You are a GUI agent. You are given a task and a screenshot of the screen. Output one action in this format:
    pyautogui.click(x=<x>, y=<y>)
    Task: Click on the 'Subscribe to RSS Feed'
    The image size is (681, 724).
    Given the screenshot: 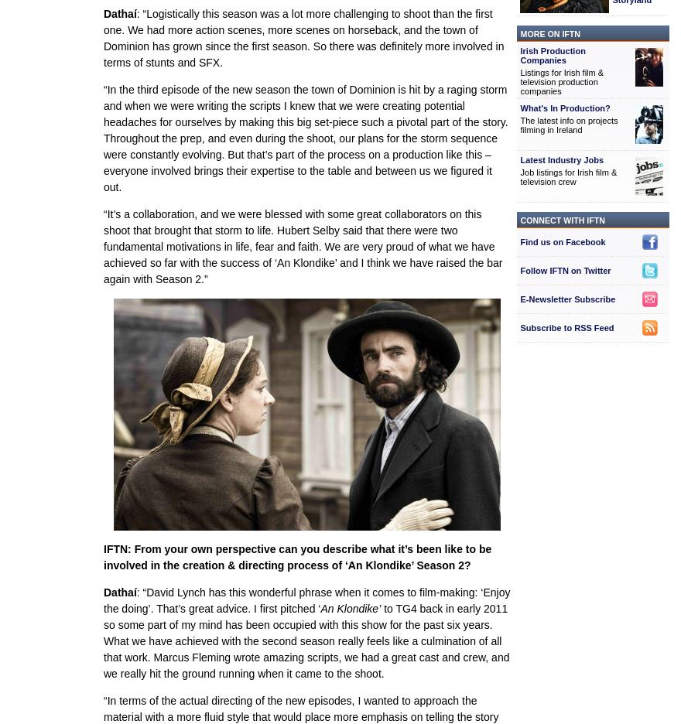 What is the action you would take?
    pyautogui.click(x=566, y=327)
    